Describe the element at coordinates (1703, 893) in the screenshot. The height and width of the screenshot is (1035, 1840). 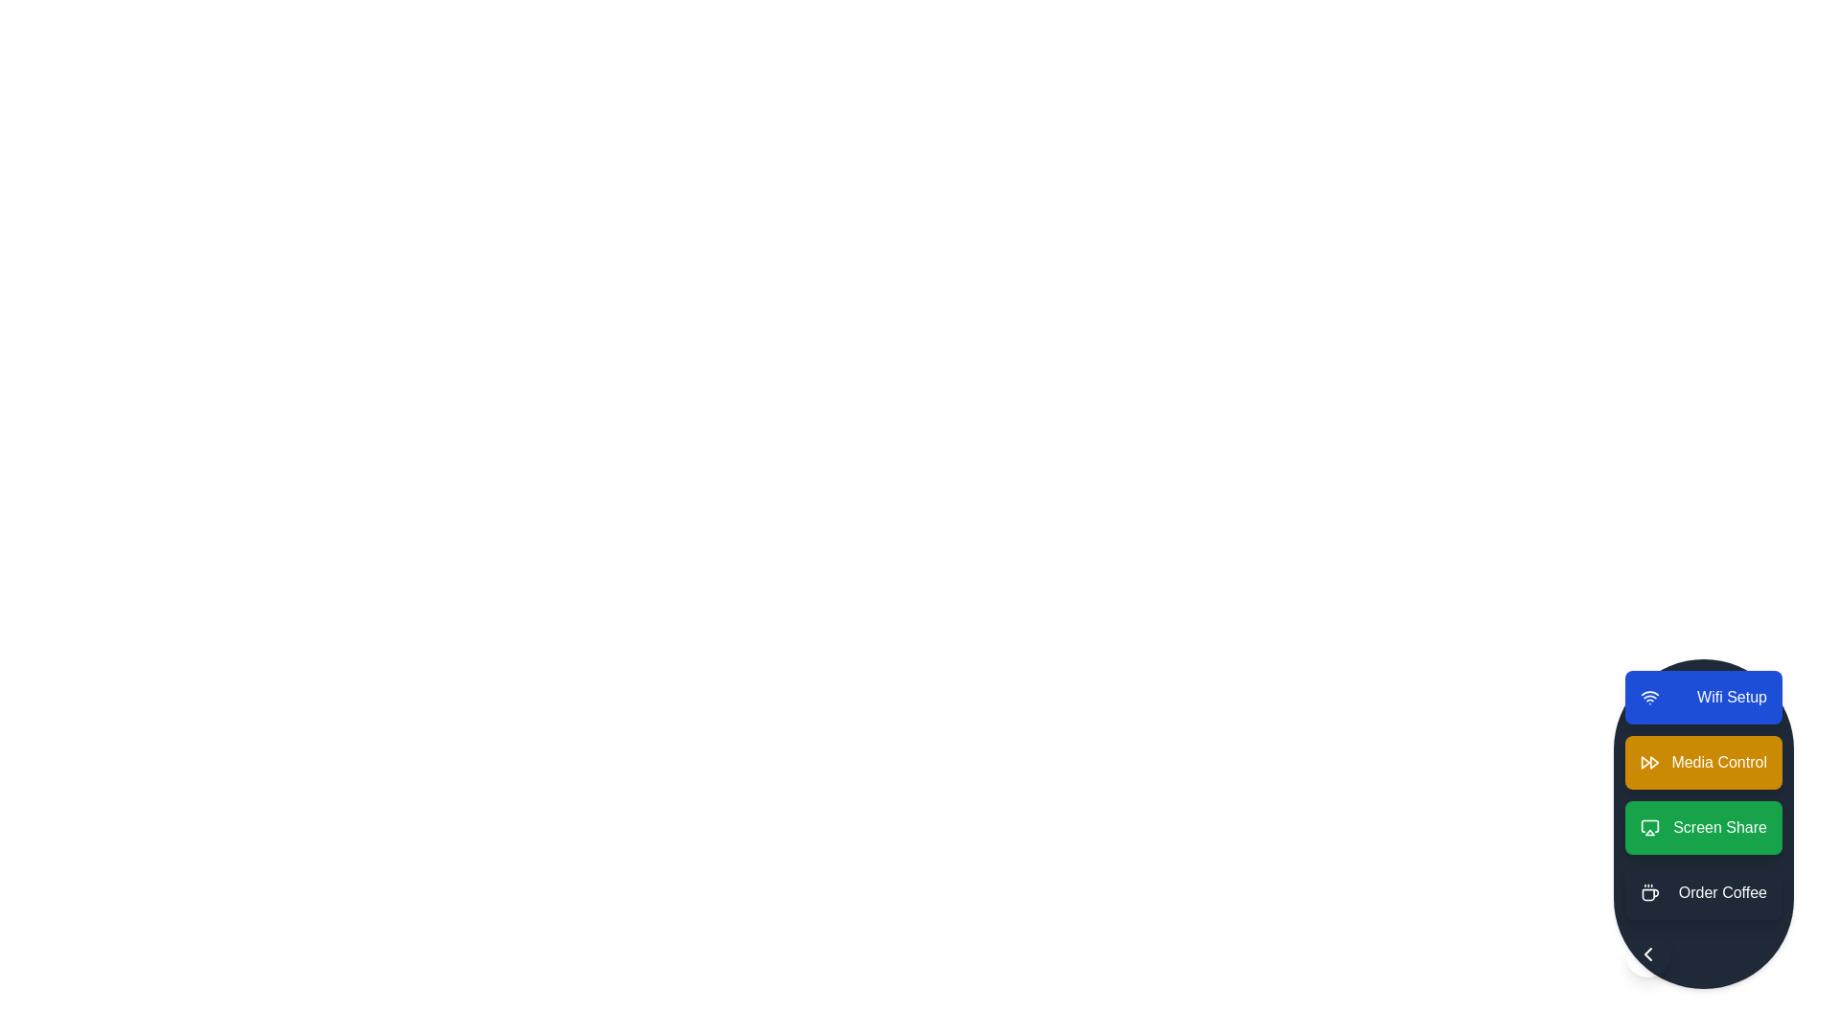
I see `the action item labeled Order Coffee to observe visual feedback` at that location.